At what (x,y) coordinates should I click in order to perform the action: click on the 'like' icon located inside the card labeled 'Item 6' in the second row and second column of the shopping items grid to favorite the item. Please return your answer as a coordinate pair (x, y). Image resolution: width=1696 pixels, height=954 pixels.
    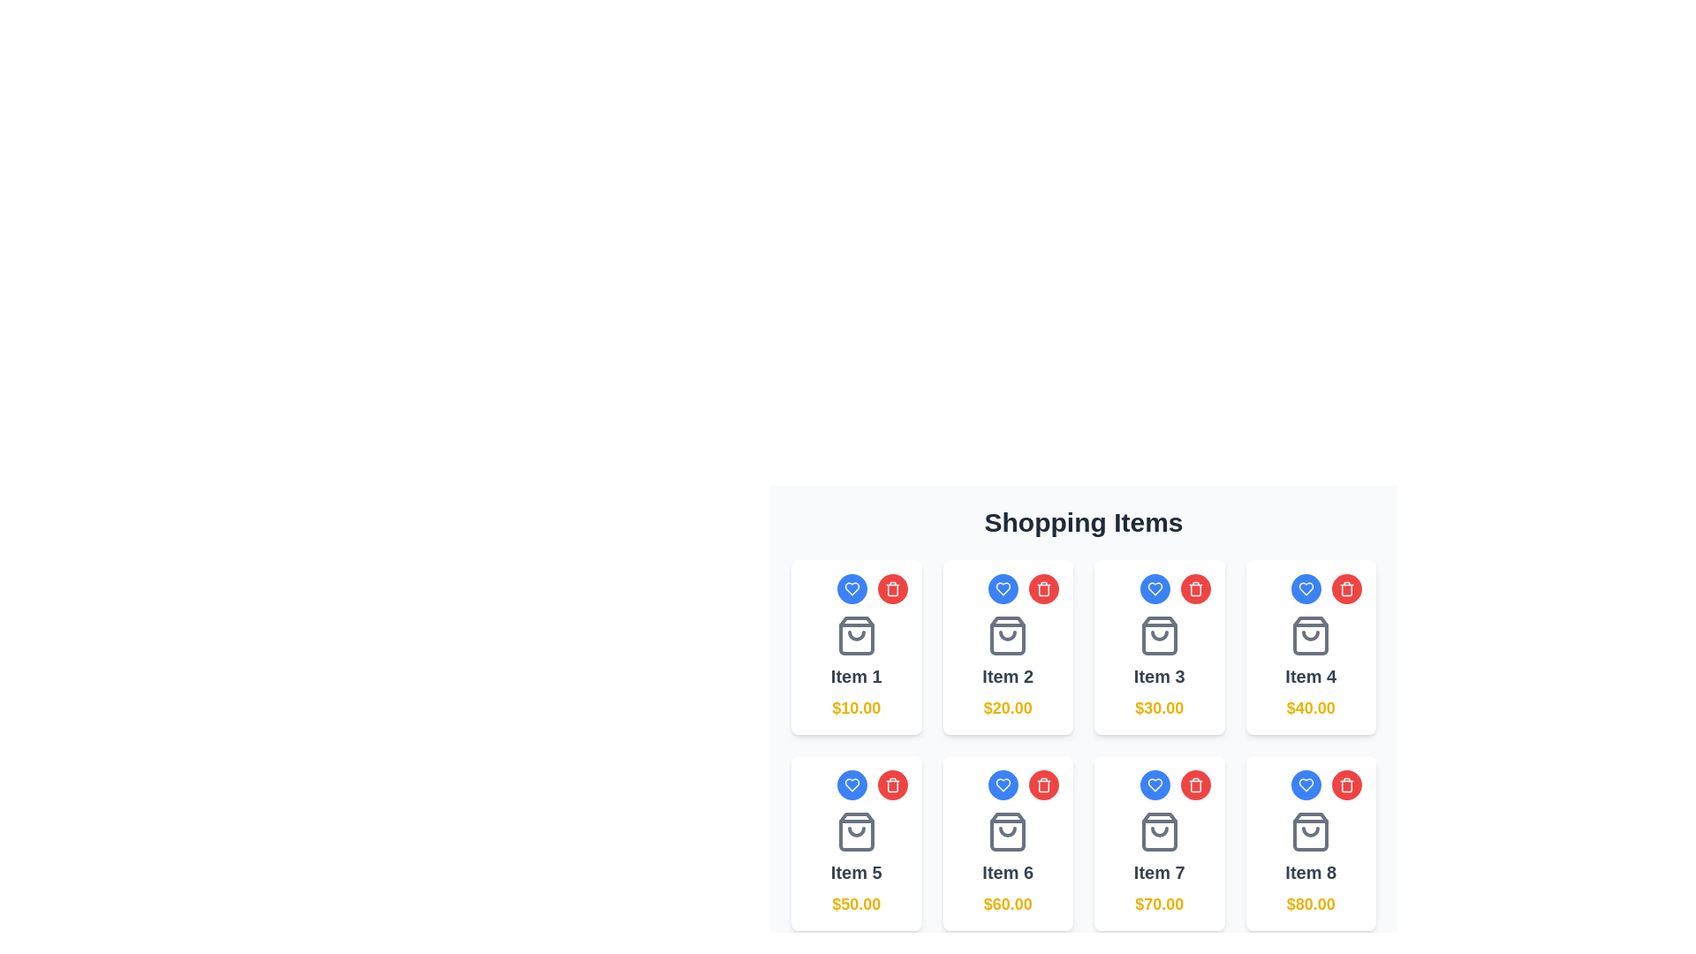
    Looking at the image, I should click on (1003, 784).